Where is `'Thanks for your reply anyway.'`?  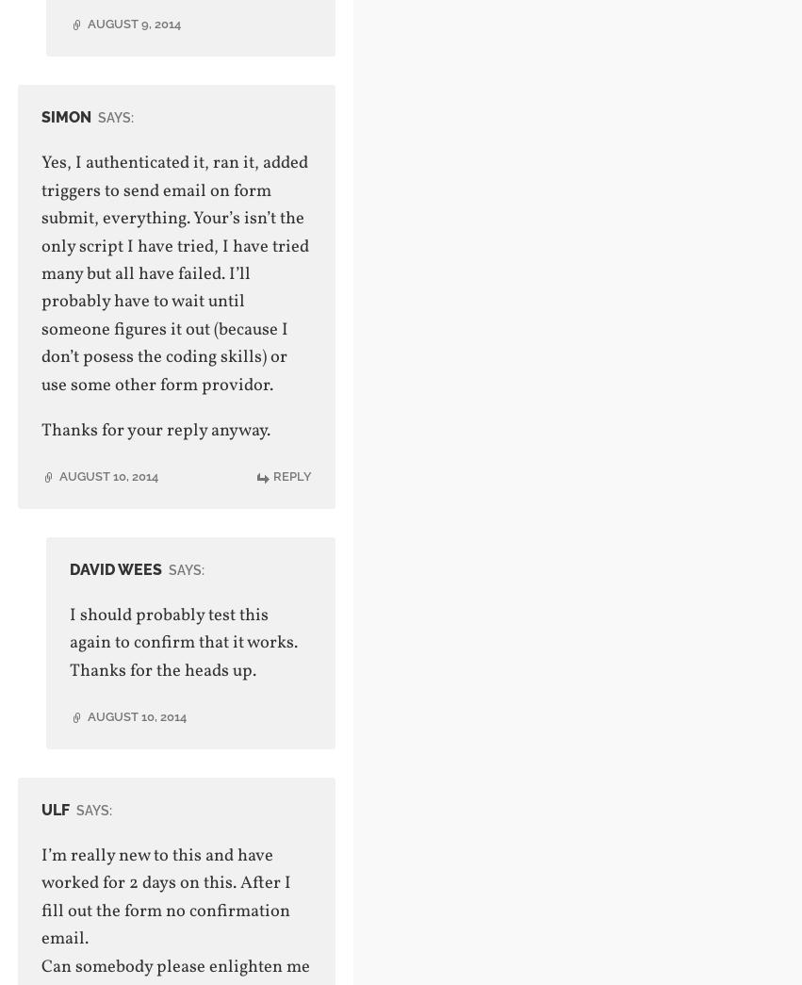 'Thanks for your reply anyway.' is located at coordinates (154, 430).